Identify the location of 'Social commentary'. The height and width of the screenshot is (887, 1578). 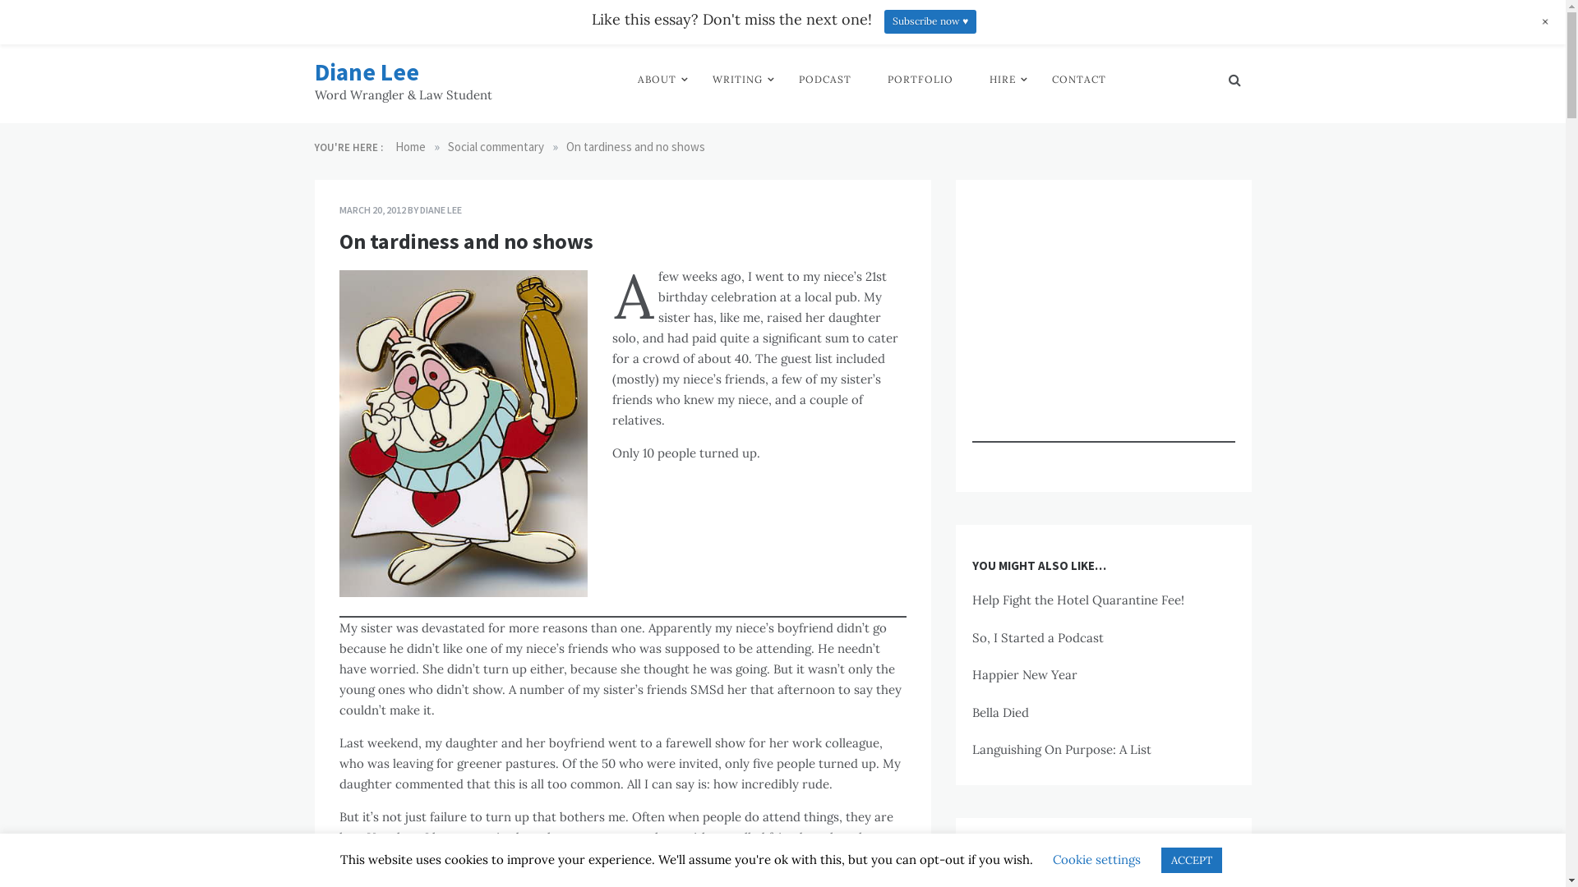
(446, 145).